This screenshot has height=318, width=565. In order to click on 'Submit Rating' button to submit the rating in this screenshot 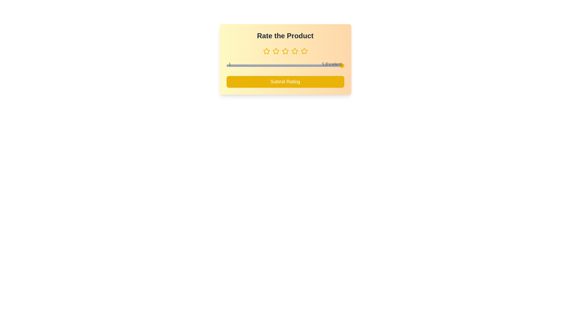, I will do `click(285, 82)`.